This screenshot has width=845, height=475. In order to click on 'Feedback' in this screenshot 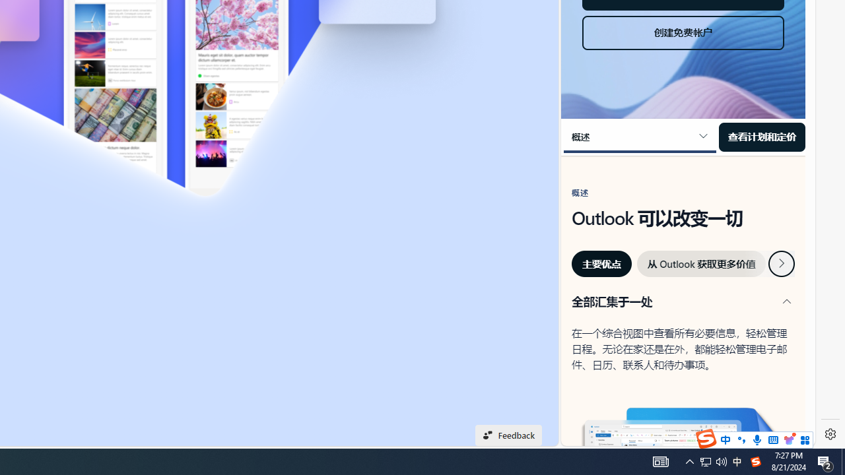, I will do `click(507, 435)`.